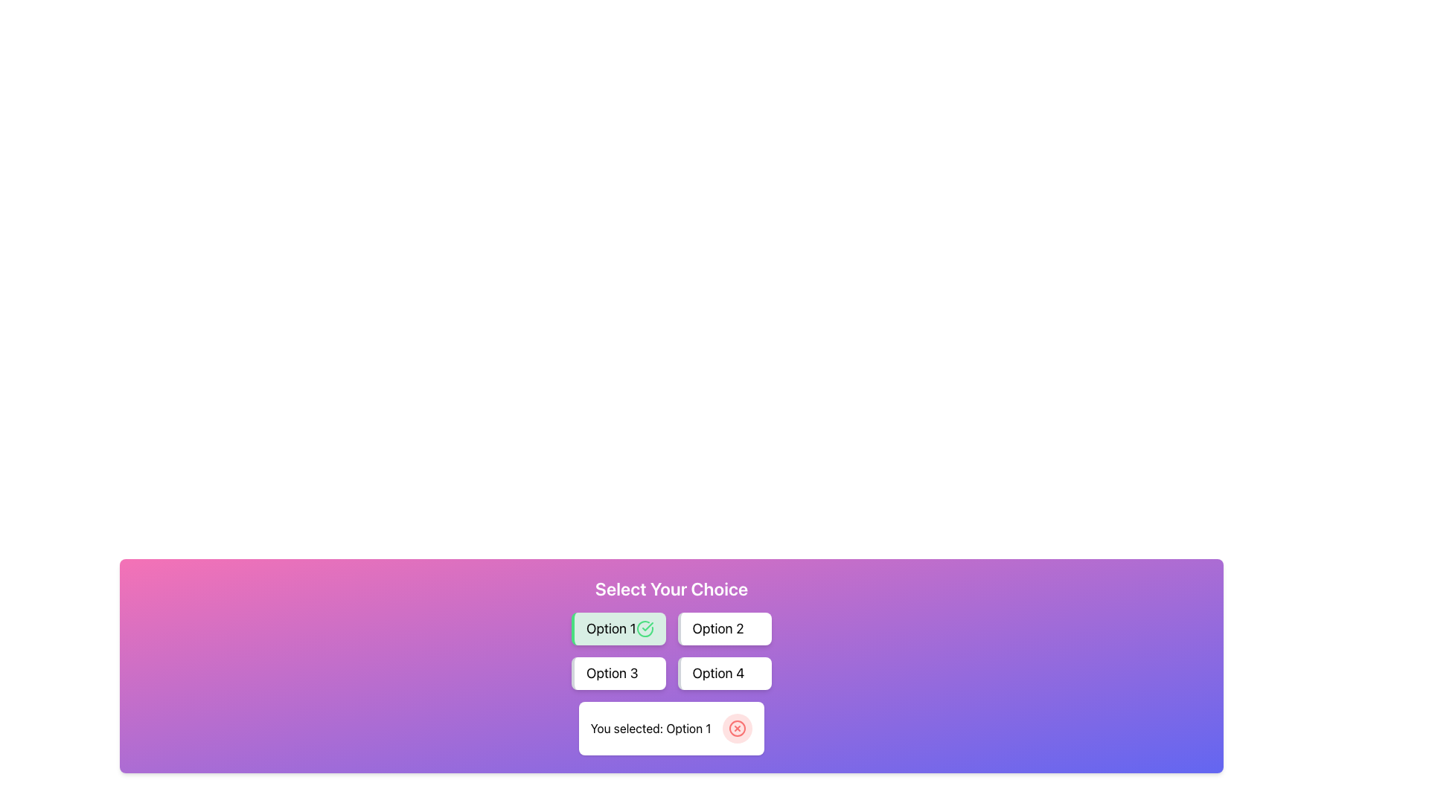 The width and height of the screenshot is (1429, 803). Describe the element at coordinates (717, 628) in the screenshot. I see `the text label displaying 'Option 2' which is styled with a normal font weight and located within a white rectangular box in the top row of a 2x2 grid layout` at that location.